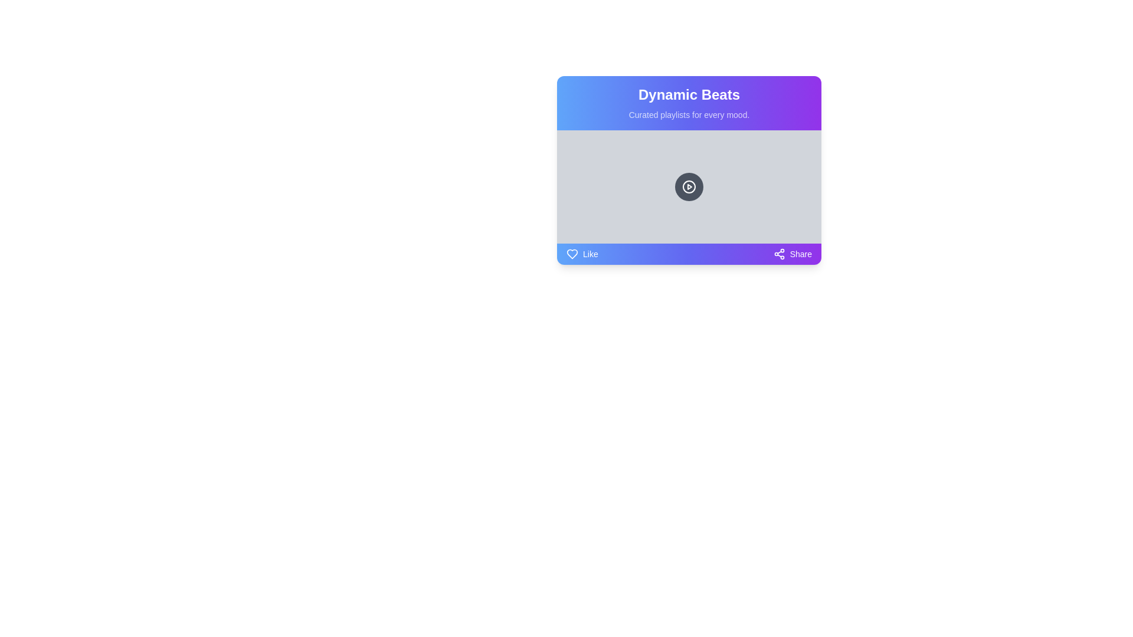  What do you see at coordinates (779, 254) in the screenshot?
I see `the 'share' icon, which is part of the purple rectangular button labeled 'Share' located at the bottom right corner of the card` at bounding box center [779, 254].